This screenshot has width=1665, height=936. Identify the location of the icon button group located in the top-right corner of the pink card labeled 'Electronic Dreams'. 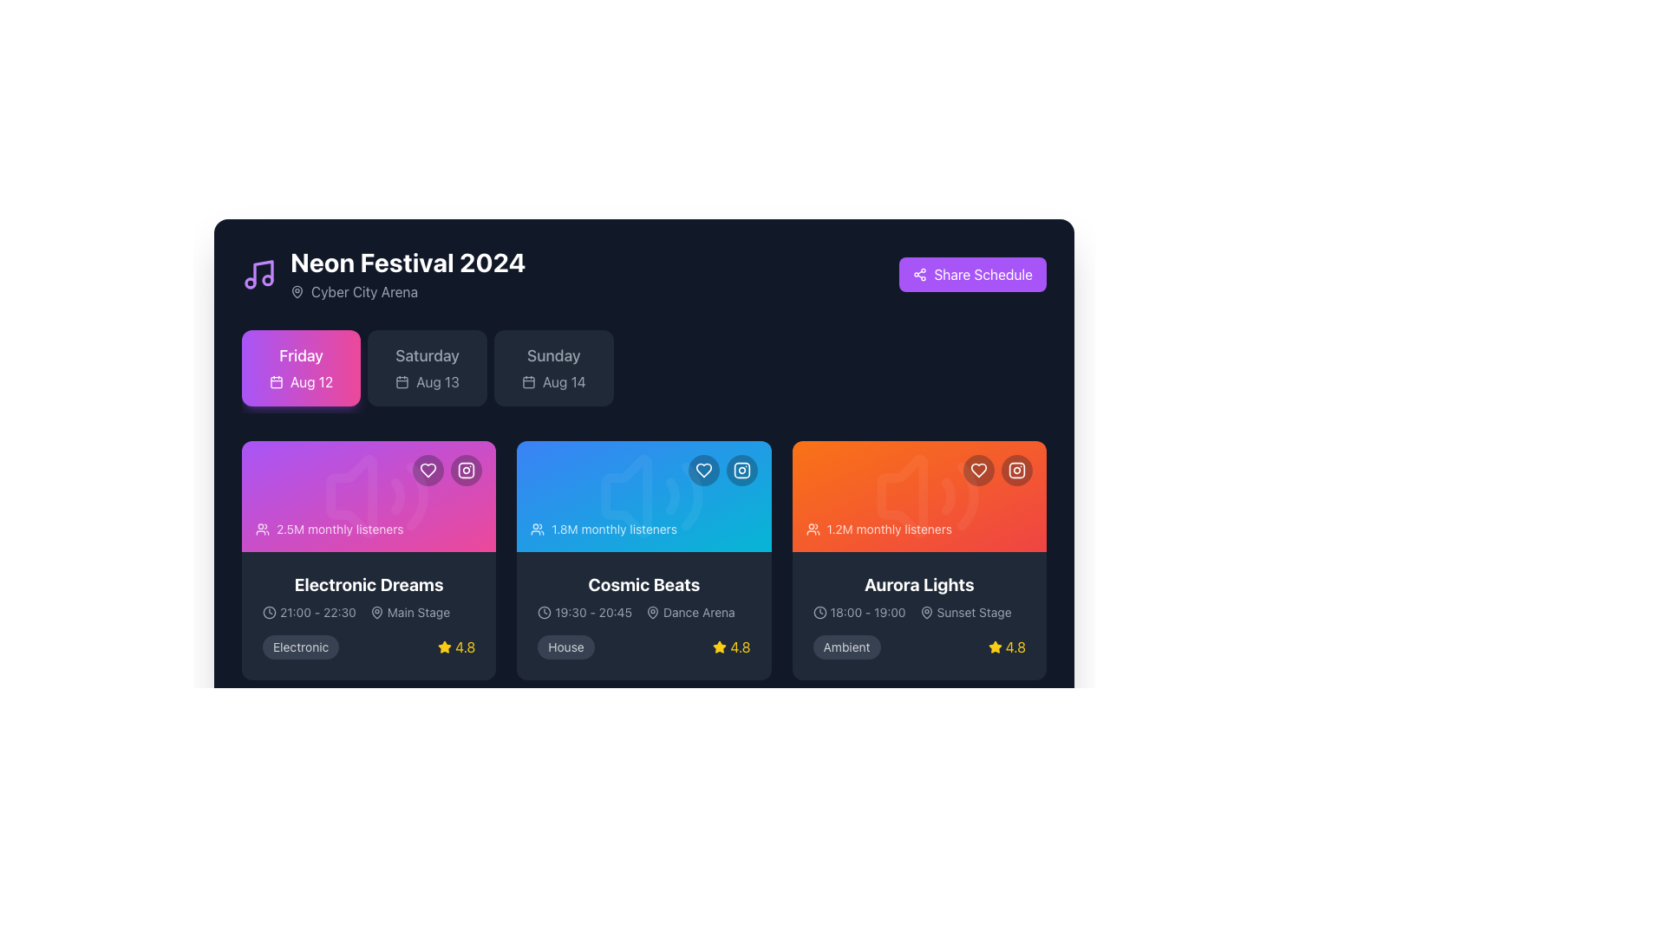
(447, 471).